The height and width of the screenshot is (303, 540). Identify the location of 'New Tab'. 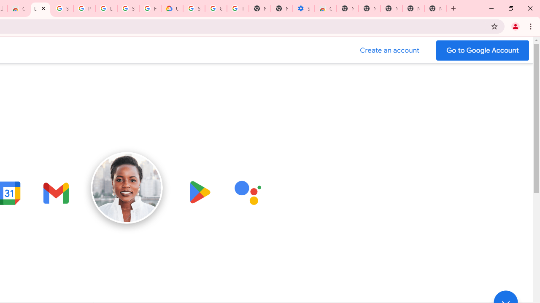
(453, 8).